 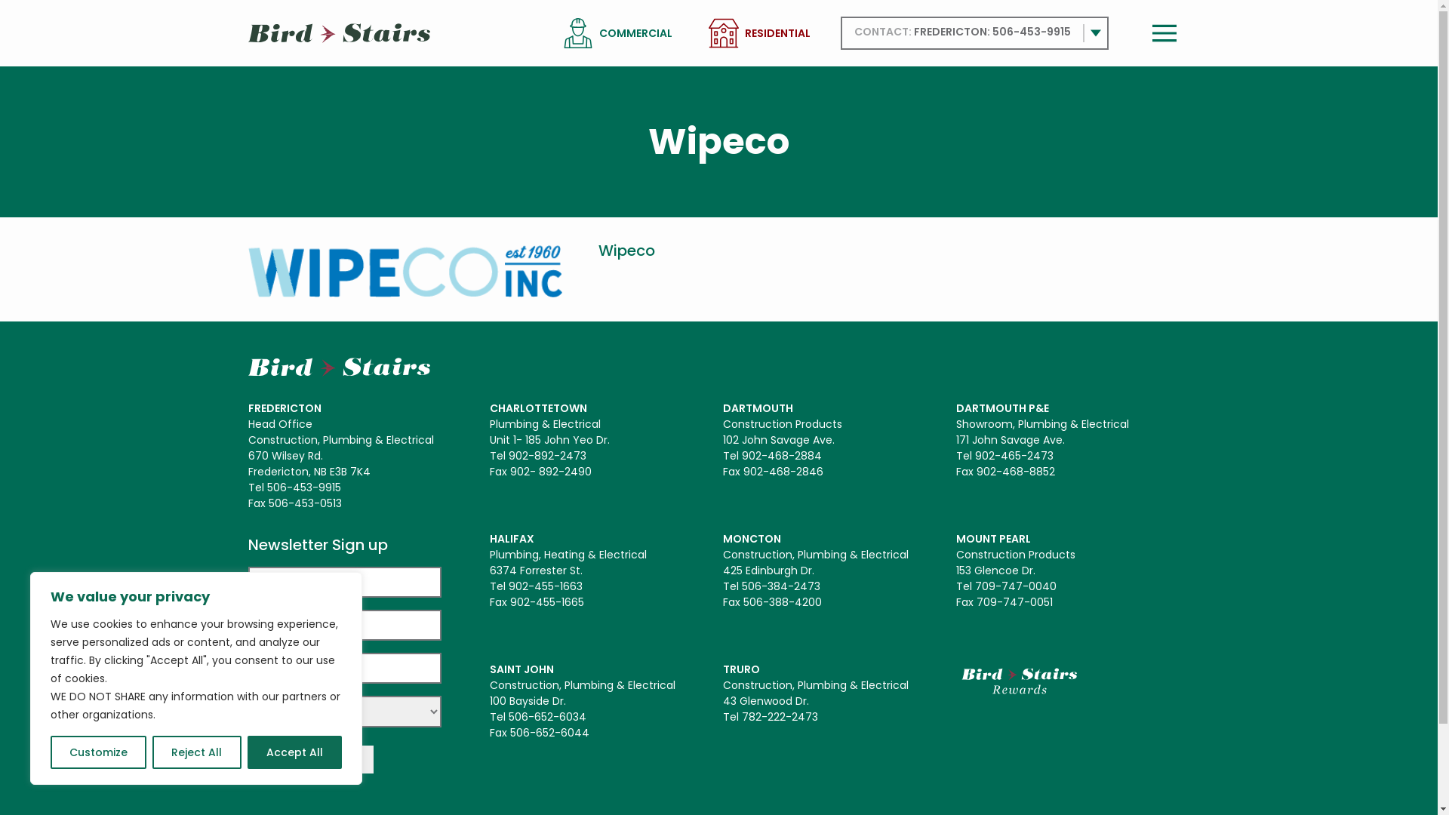 What do you see at coordinates (1030, 32) in the screenshot?
I see `'506-453-9915'` at bounding box center [1030, 32].